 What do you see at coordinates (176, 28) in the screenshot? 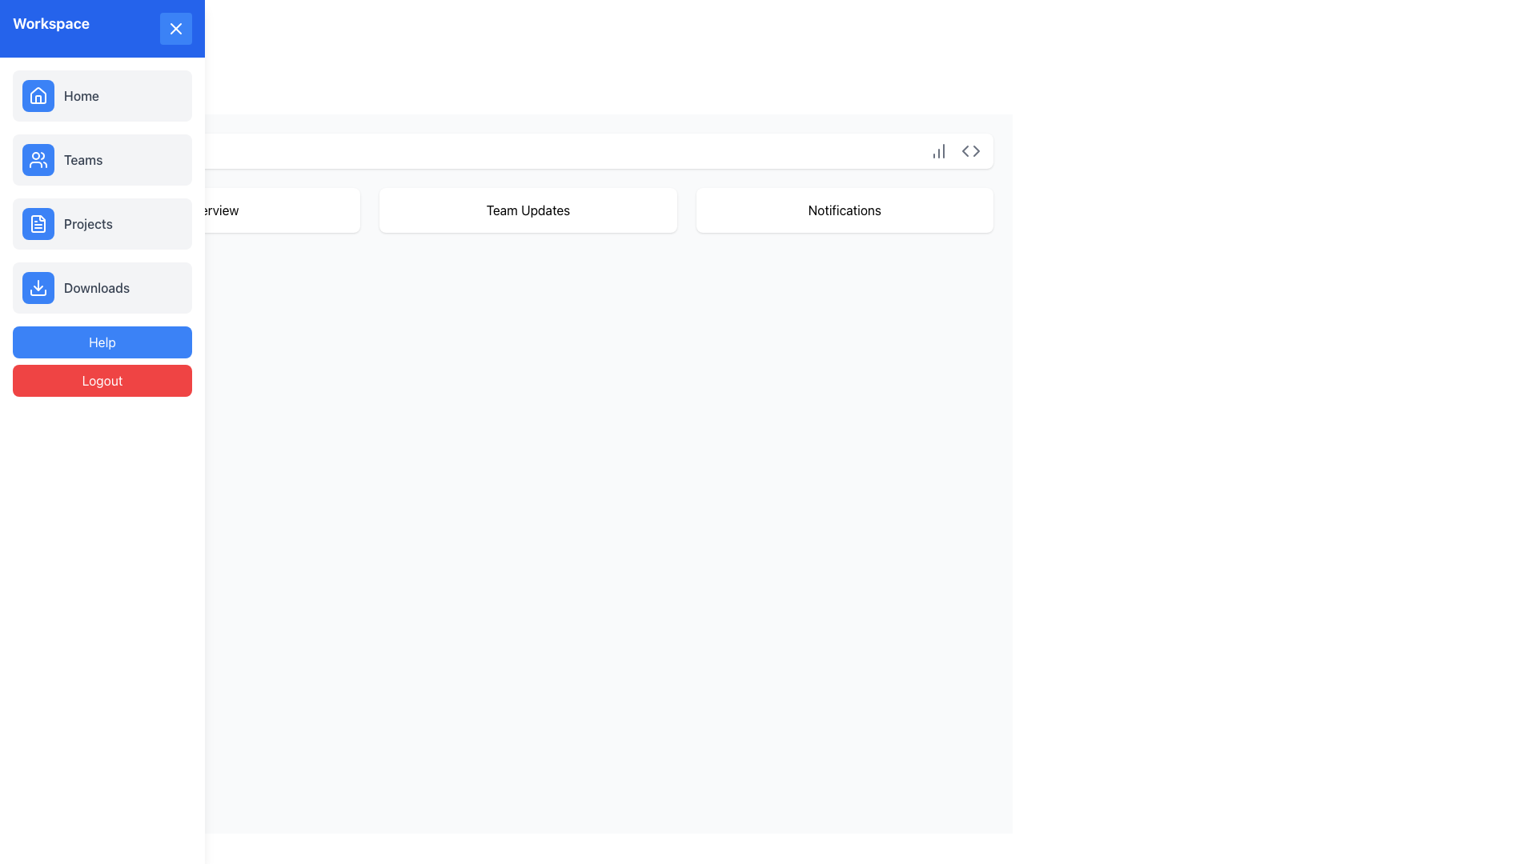
I see `the close button` at bounding box center [176, 28].